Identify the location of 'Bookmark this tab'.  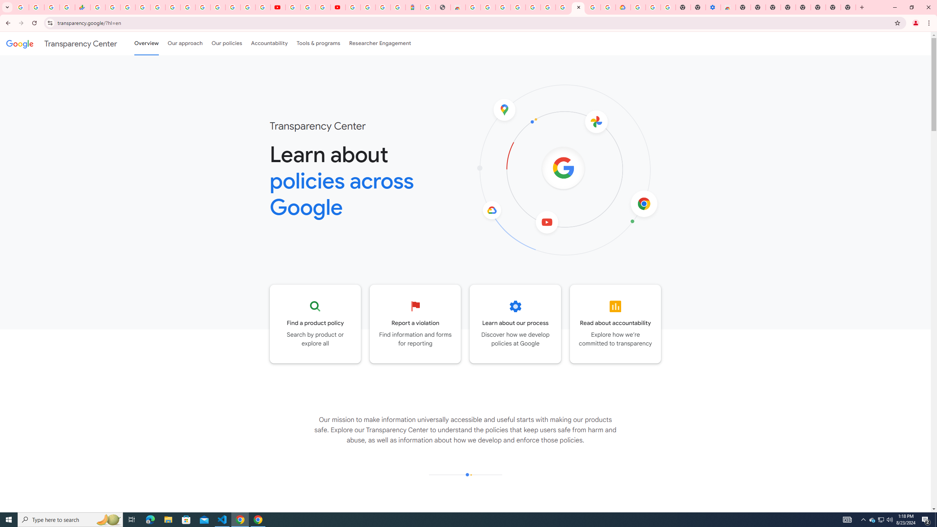
(897, 22).